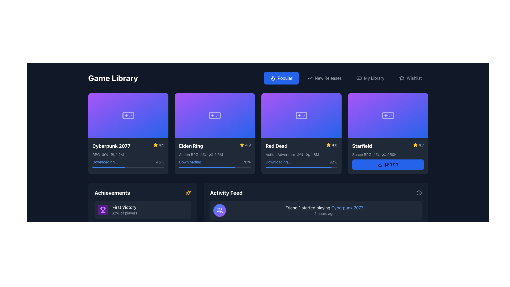 This screenshot has height=287, width=510. I want to click on the text block with an icon displaying user-related statistics in the 'Cyberpunk 2077' card under the 'Game Library' section, so click(117, 154).